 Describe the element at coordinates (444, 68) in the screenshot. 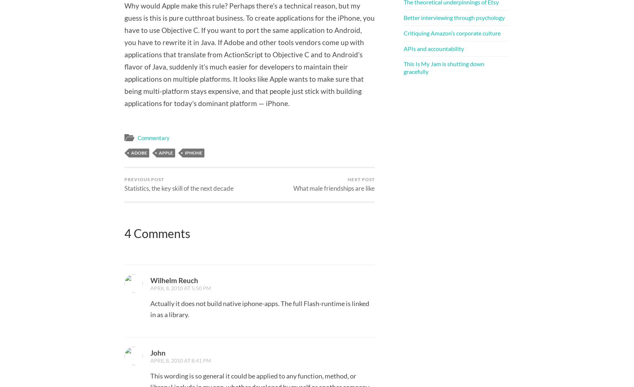

I see `'This Is My Jam is shutting down gracefully'` at that location.